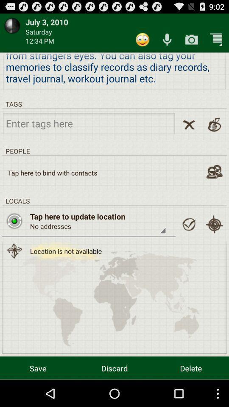  Describe the element at coordinates (216, 39) in the screenshot. I see `menu button` at that location.